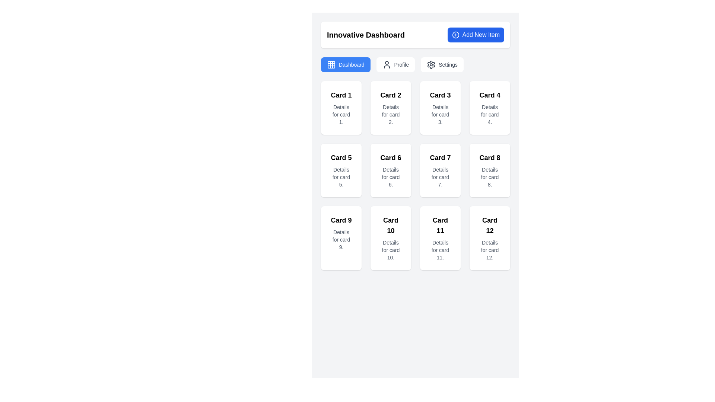 This screenshot has height=402, width=715. What do you see at coordinates (390, 238) in the screenshot?
I see `the Card labeled 'Card 10' which is a rectangular card with a white background, located in the third row and second column of the grid` at bounding box center [390, 238].